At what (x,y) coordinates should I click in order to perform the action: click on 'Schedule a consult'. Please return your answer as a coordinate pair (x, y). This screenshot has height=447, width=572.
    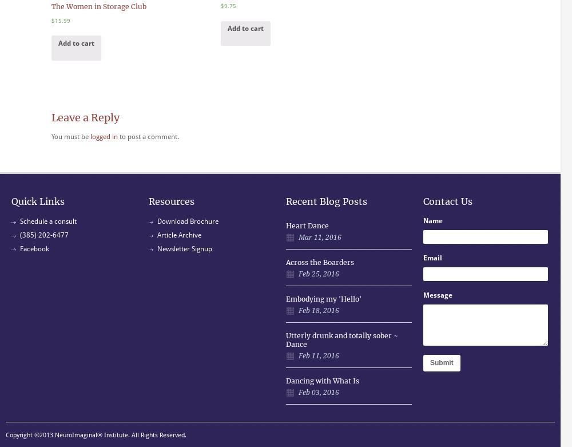
    Looking at the image, I should click on (47, 220).